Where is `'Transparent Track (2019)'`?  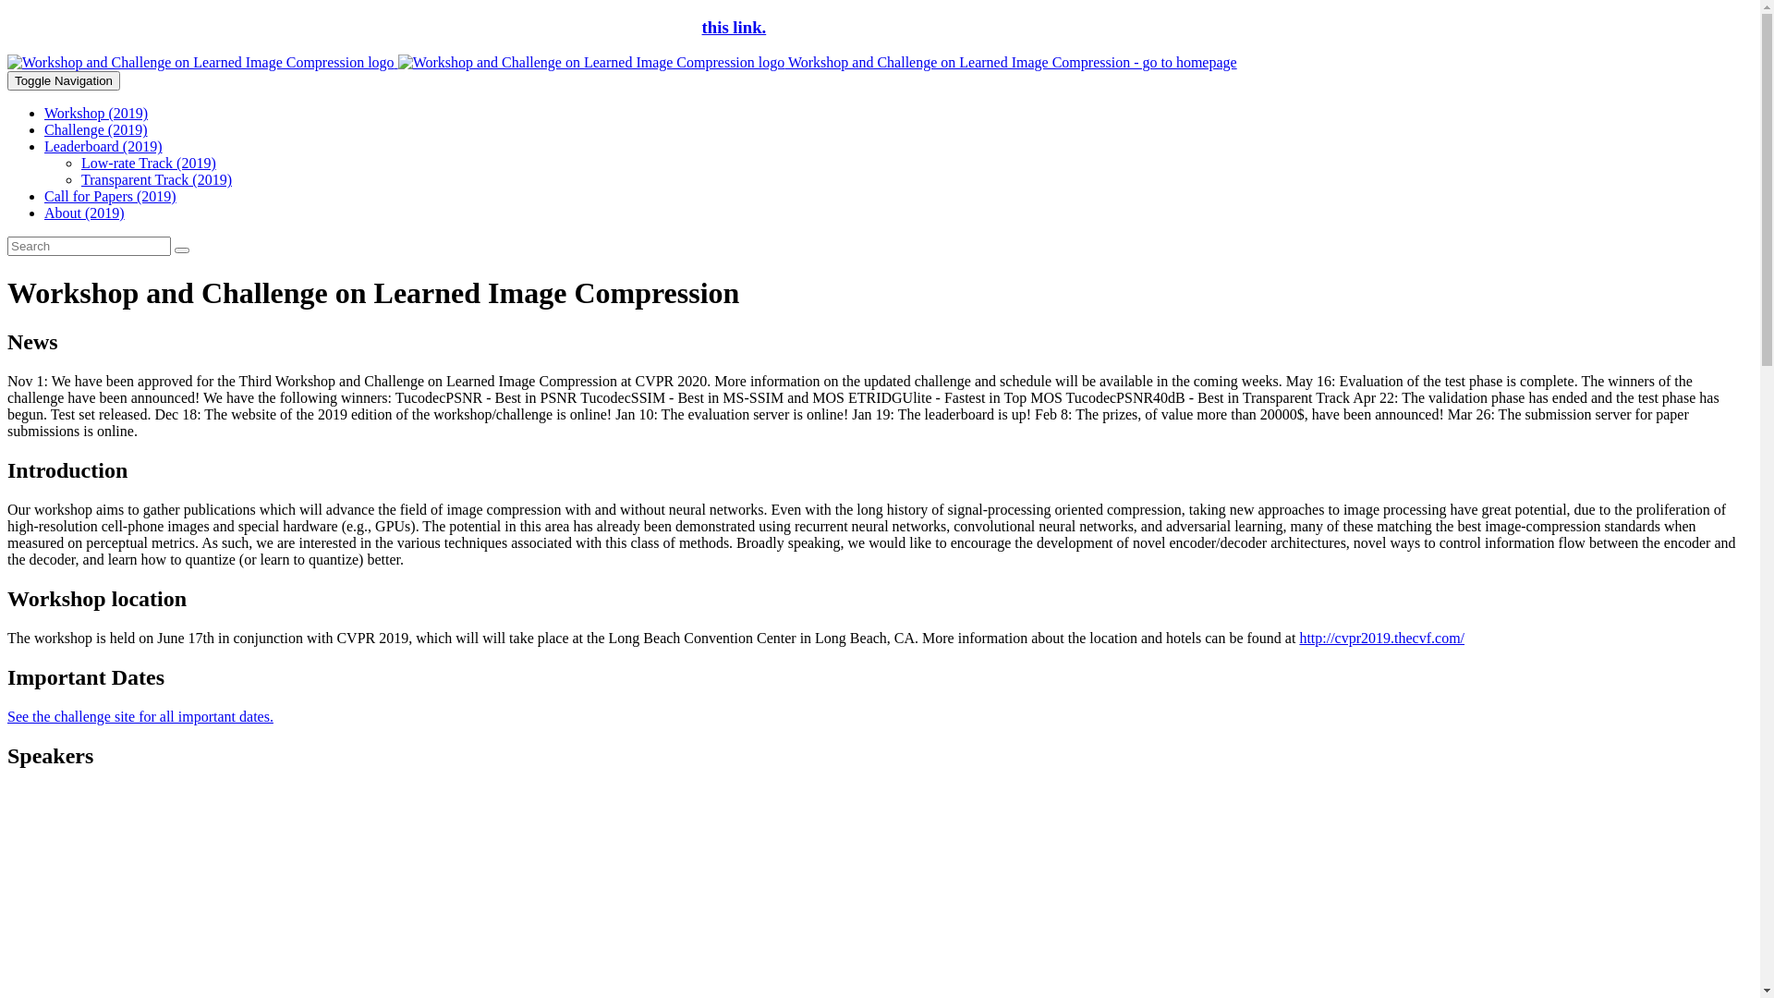
'Transparent Track (2019)' is located at coordinates (156, 179).